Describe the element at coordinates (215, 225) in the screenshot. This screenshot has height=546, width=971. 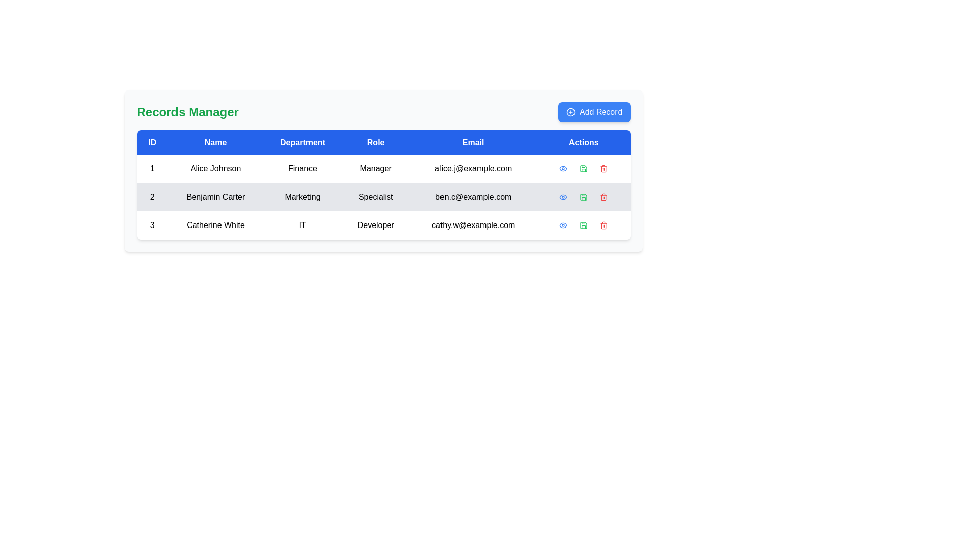
I see `the text label displaying 'Catherine White'` at that location.